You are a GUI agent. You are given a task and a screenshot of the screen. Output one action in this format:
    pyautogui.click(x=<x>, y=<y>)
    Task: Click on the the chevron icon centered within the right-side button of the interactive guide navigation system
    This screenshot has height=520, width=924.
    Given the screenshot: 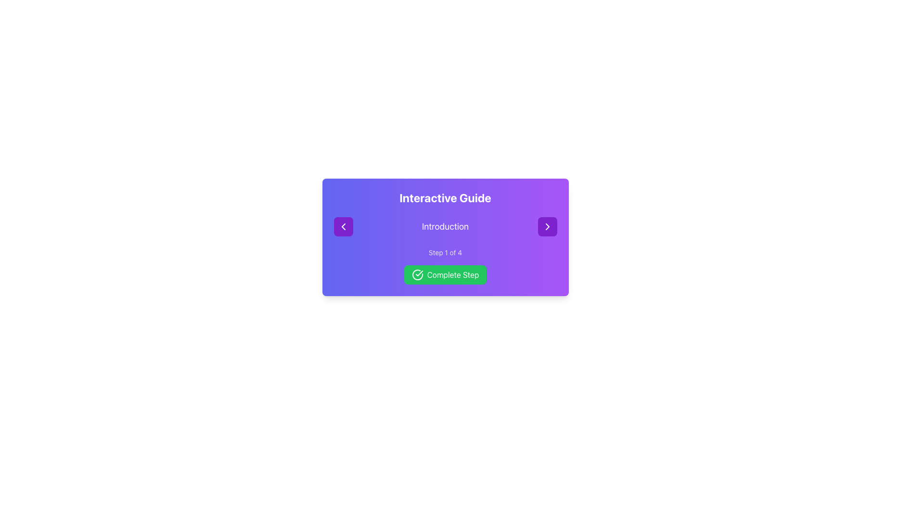 What is the action you would take?
    pyautogui.click(x=547, y=226)
    